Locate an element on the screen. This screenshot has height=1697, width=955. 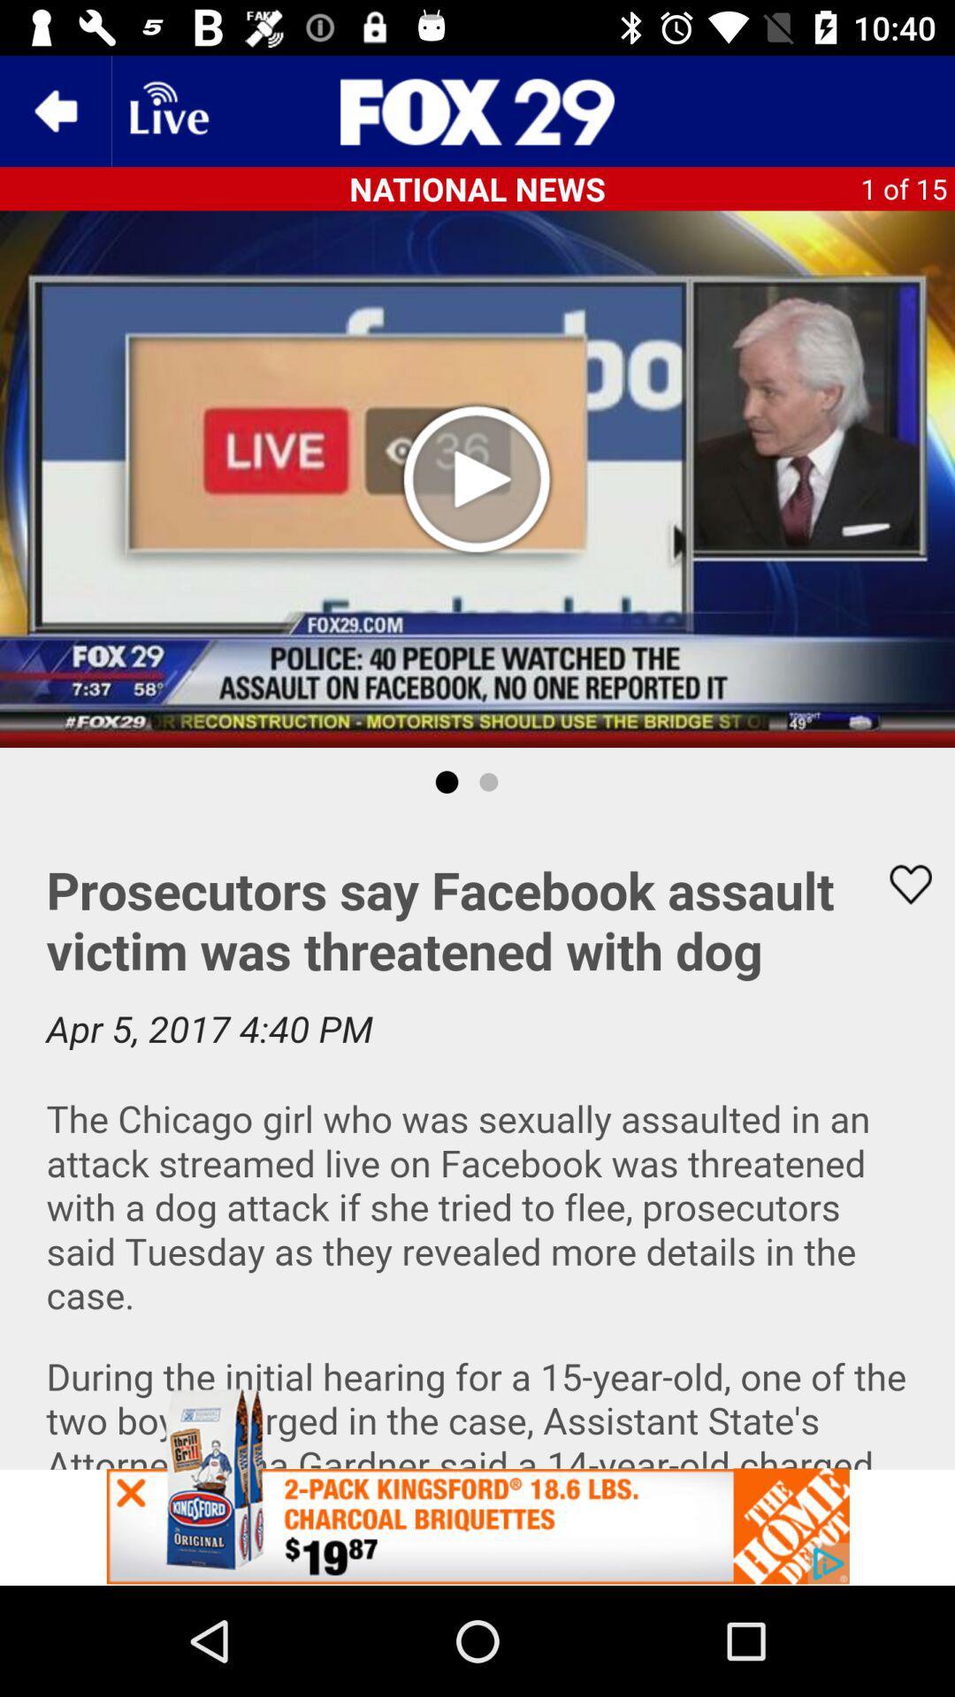
the favorite icon is located at coordinates (899, 884).